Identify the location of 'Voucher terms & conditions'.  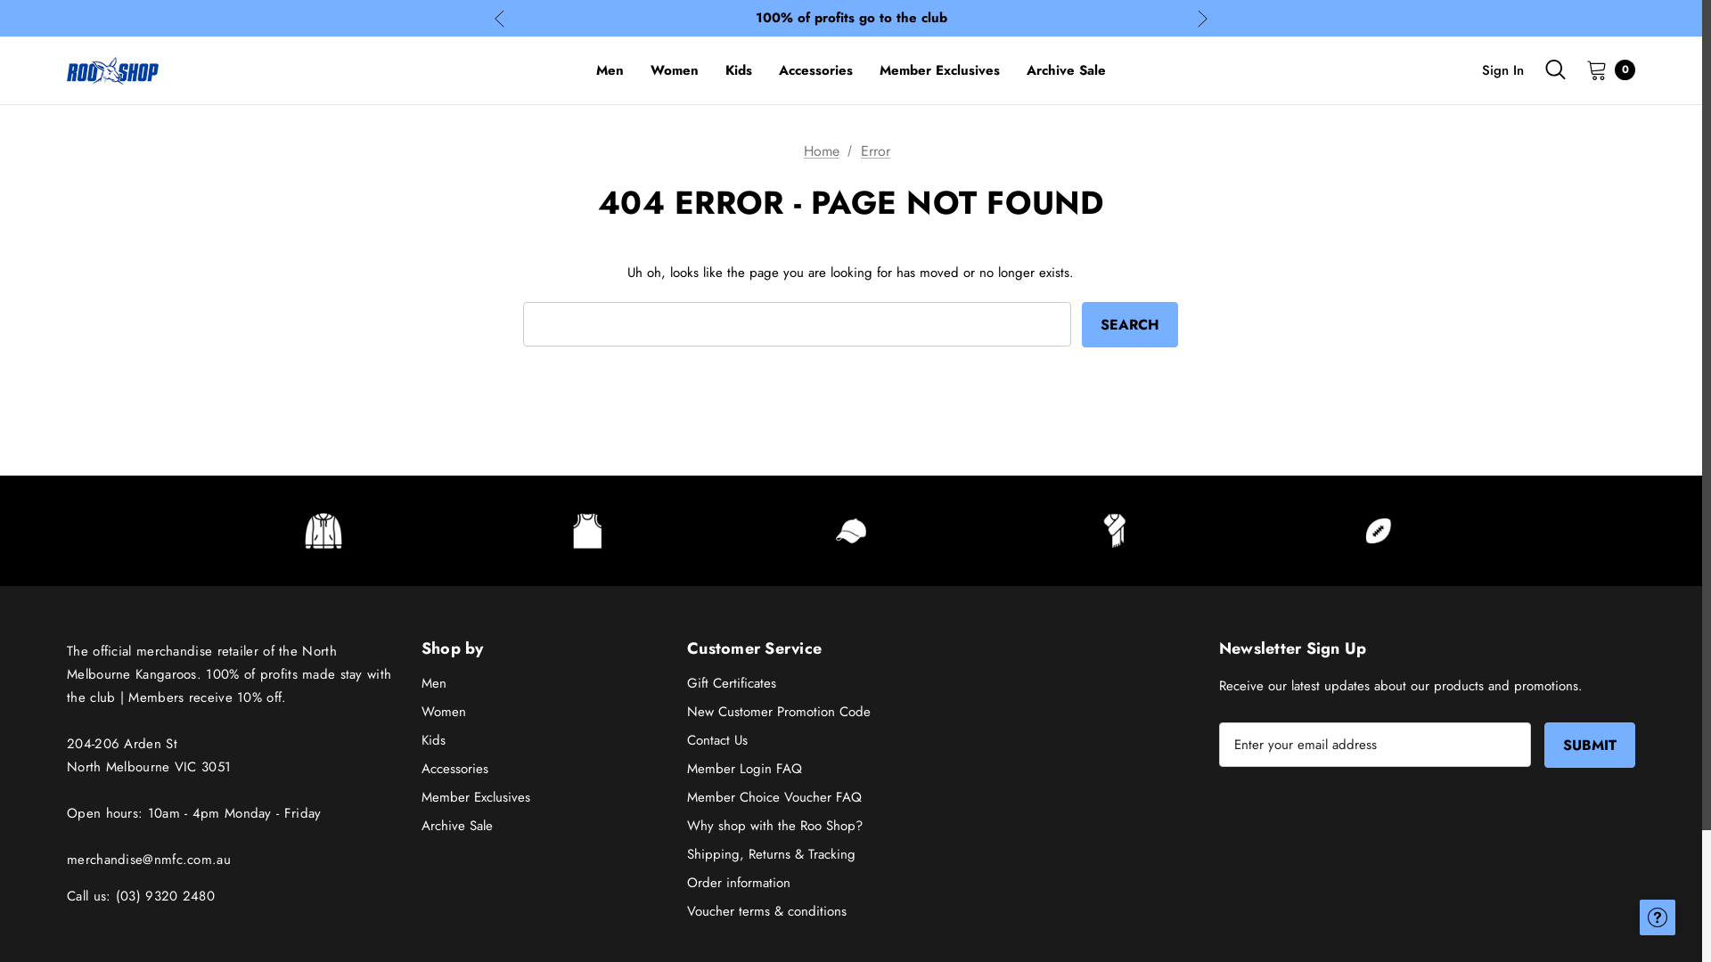
(686, 910).